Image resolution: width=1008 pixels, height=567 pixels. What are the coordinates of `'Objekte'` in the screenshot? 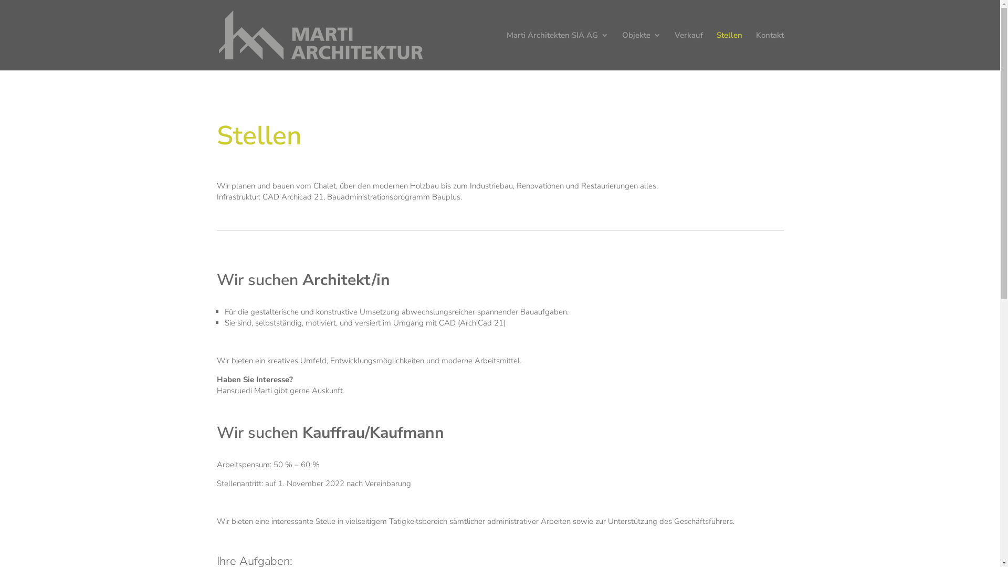 It's located at (640, 50).